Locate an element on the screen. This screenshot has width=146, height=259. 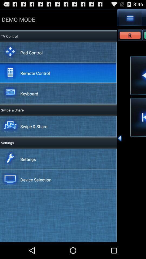
the  tv control is located at coordinates (8, 36).